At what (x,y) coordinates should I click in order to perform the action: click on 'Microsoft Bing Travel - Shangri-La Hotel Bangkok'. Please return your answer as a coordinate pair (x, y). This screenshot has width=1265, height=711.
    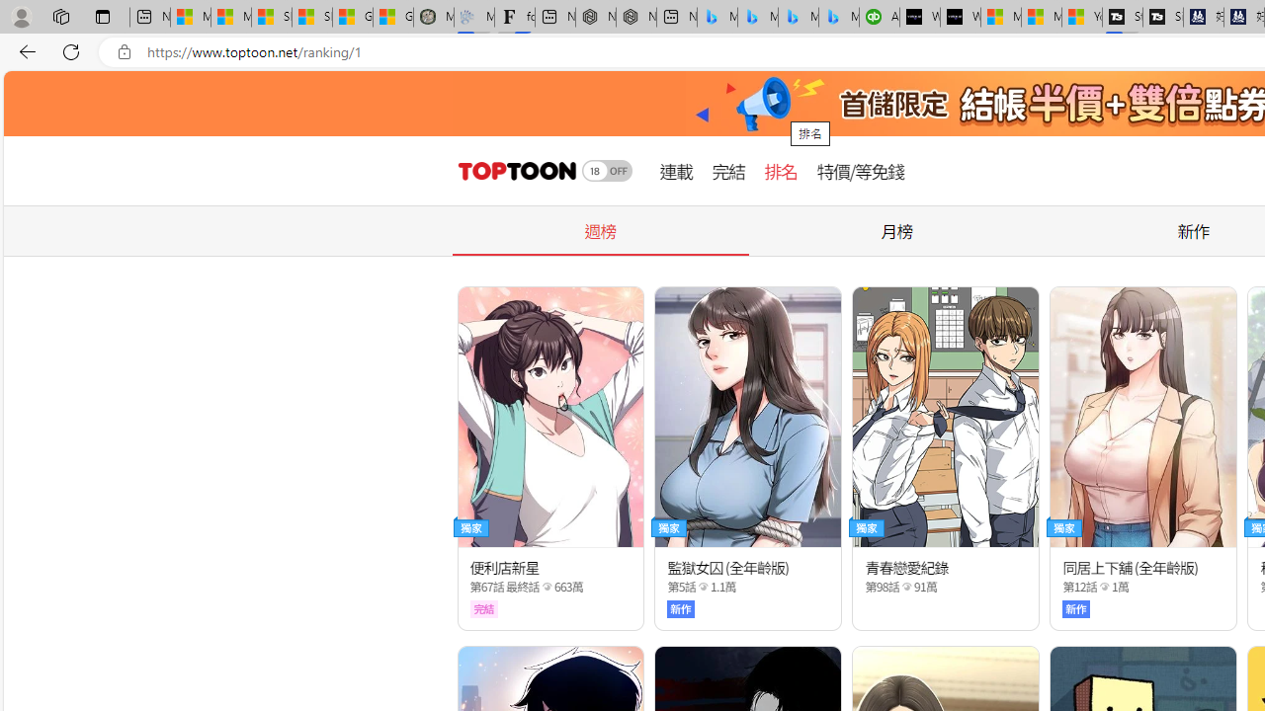
    Looking at the image, I should click on (839, 17).